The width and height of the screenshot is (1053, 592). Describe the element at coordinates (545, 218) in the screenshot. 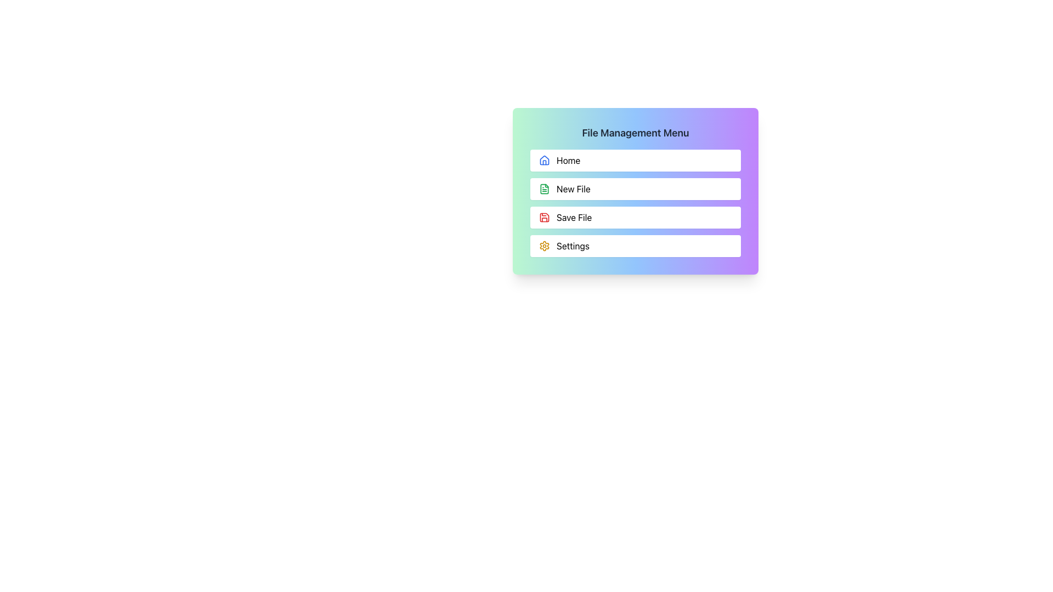

I see `the Save File menu option by clicking on the save icon, which is a red outlined floppy disk graphic located in the third row of the menu` at that location.